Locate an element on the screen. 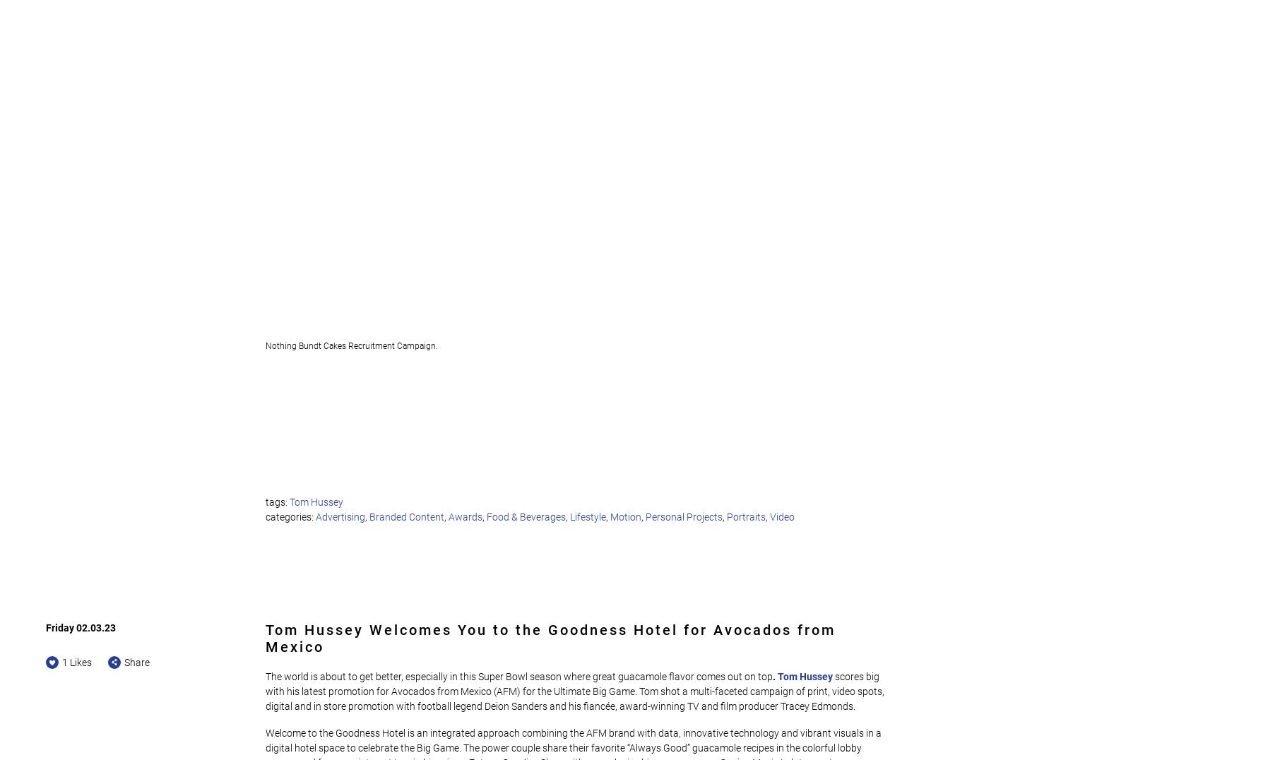 This screenshot has width=1275, height=760. 'categories:' is located at coordinates (265, 516).